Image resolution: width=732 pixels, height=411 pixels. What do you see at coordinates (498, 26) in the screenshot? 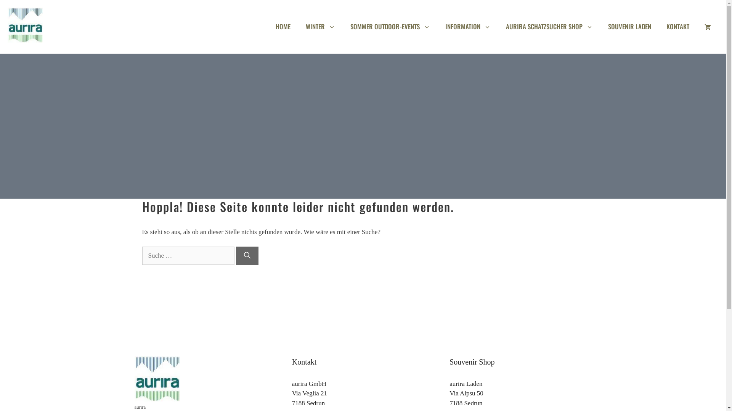
I see `'AURIRA SCHATZSUCHER SHOP'` at bounding box center [498, 26].